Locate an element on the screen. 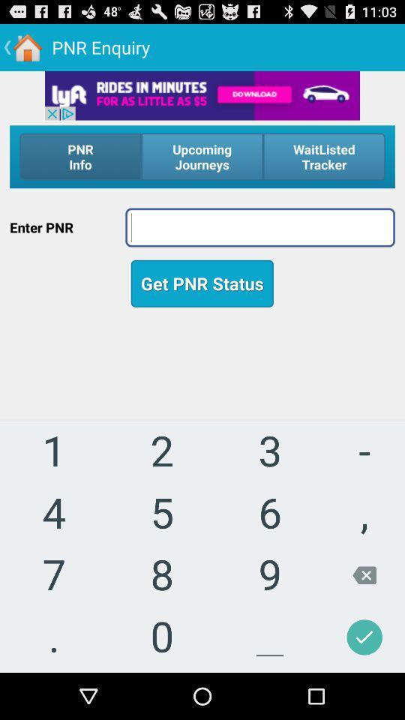 The height and width of the screenshot is (720, 405). pnr is located at coordinates (259, 227).